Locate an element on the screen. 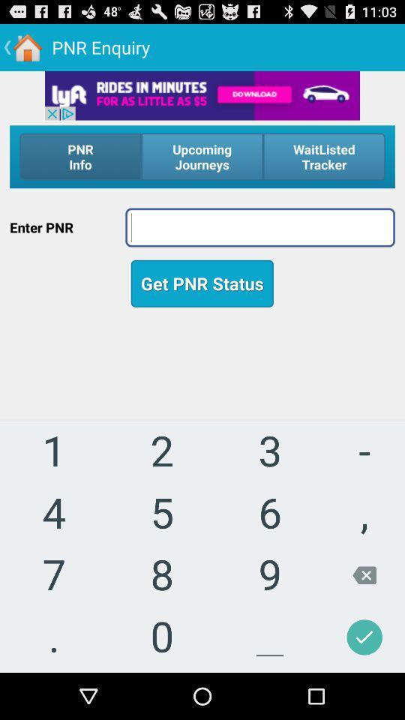 The height and width of the screenshot is (720, 405). pnr is located at coordinates (259, 227).